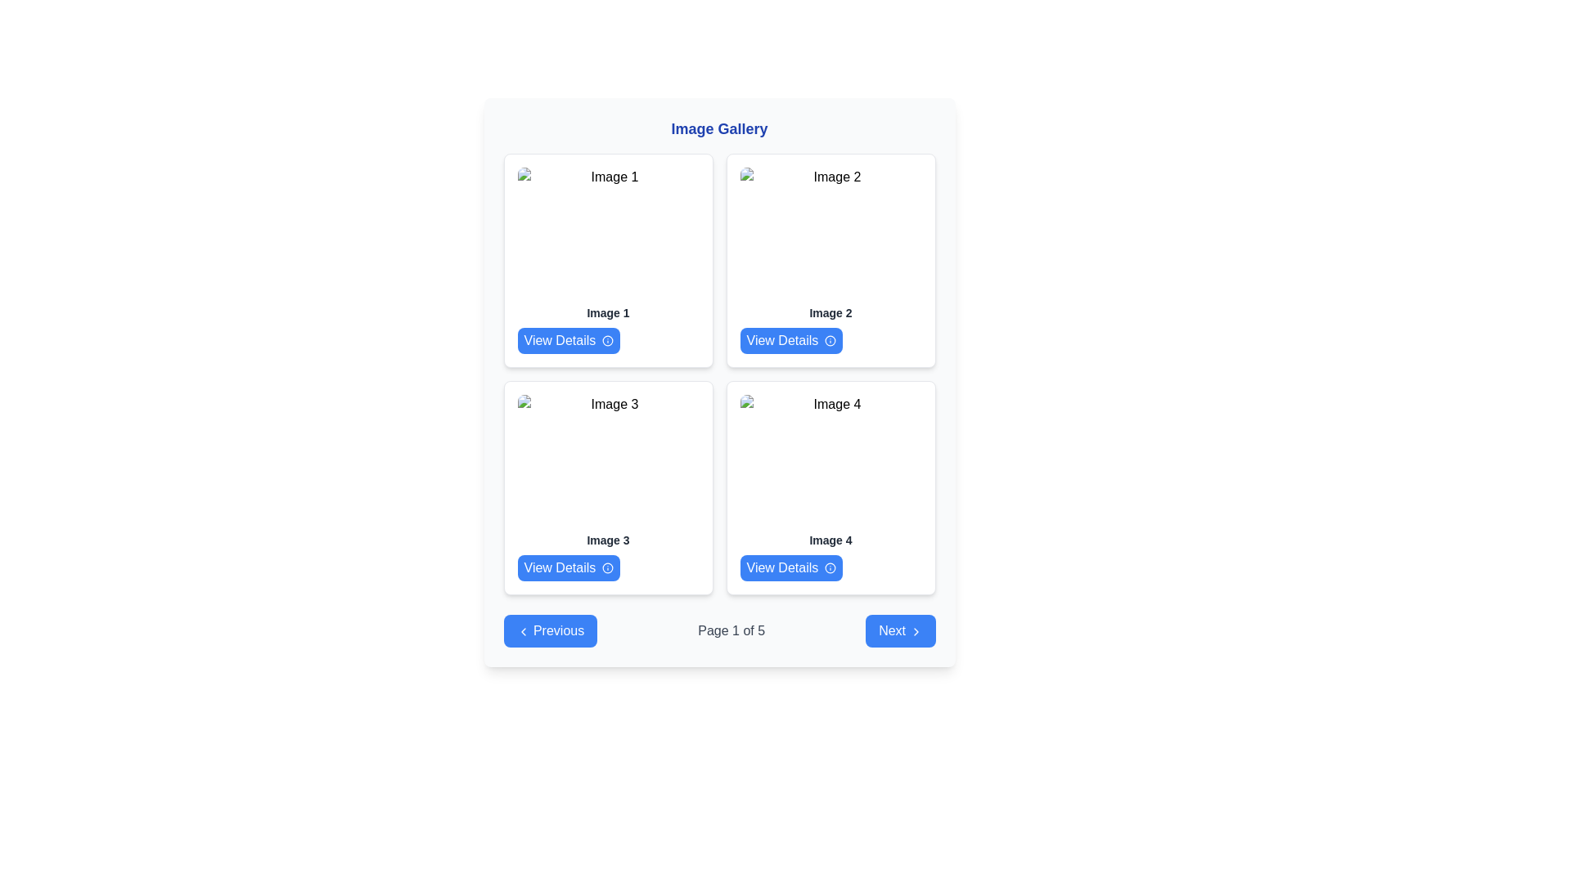 Image resolution: width=1571 pixels, height=883 pixels. Describe the element at coordinates (899, 630) in the screenshot. I see `the blue 'Next' button with rounded corners by navigating` at that location.